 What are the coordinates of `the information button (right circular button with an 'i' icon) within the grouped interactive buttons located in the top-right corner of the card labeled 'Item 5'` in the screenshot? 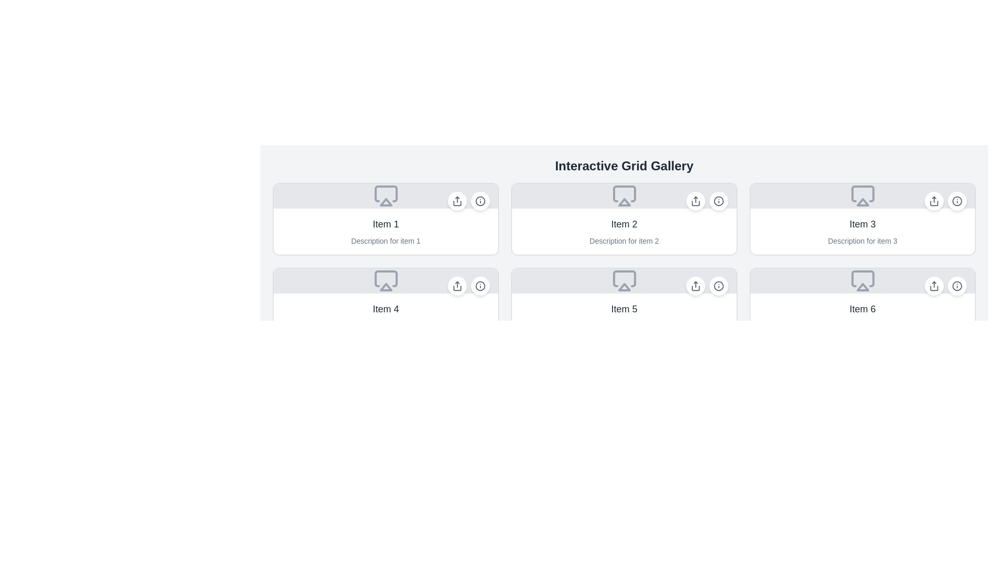 It's located at (707, 286).